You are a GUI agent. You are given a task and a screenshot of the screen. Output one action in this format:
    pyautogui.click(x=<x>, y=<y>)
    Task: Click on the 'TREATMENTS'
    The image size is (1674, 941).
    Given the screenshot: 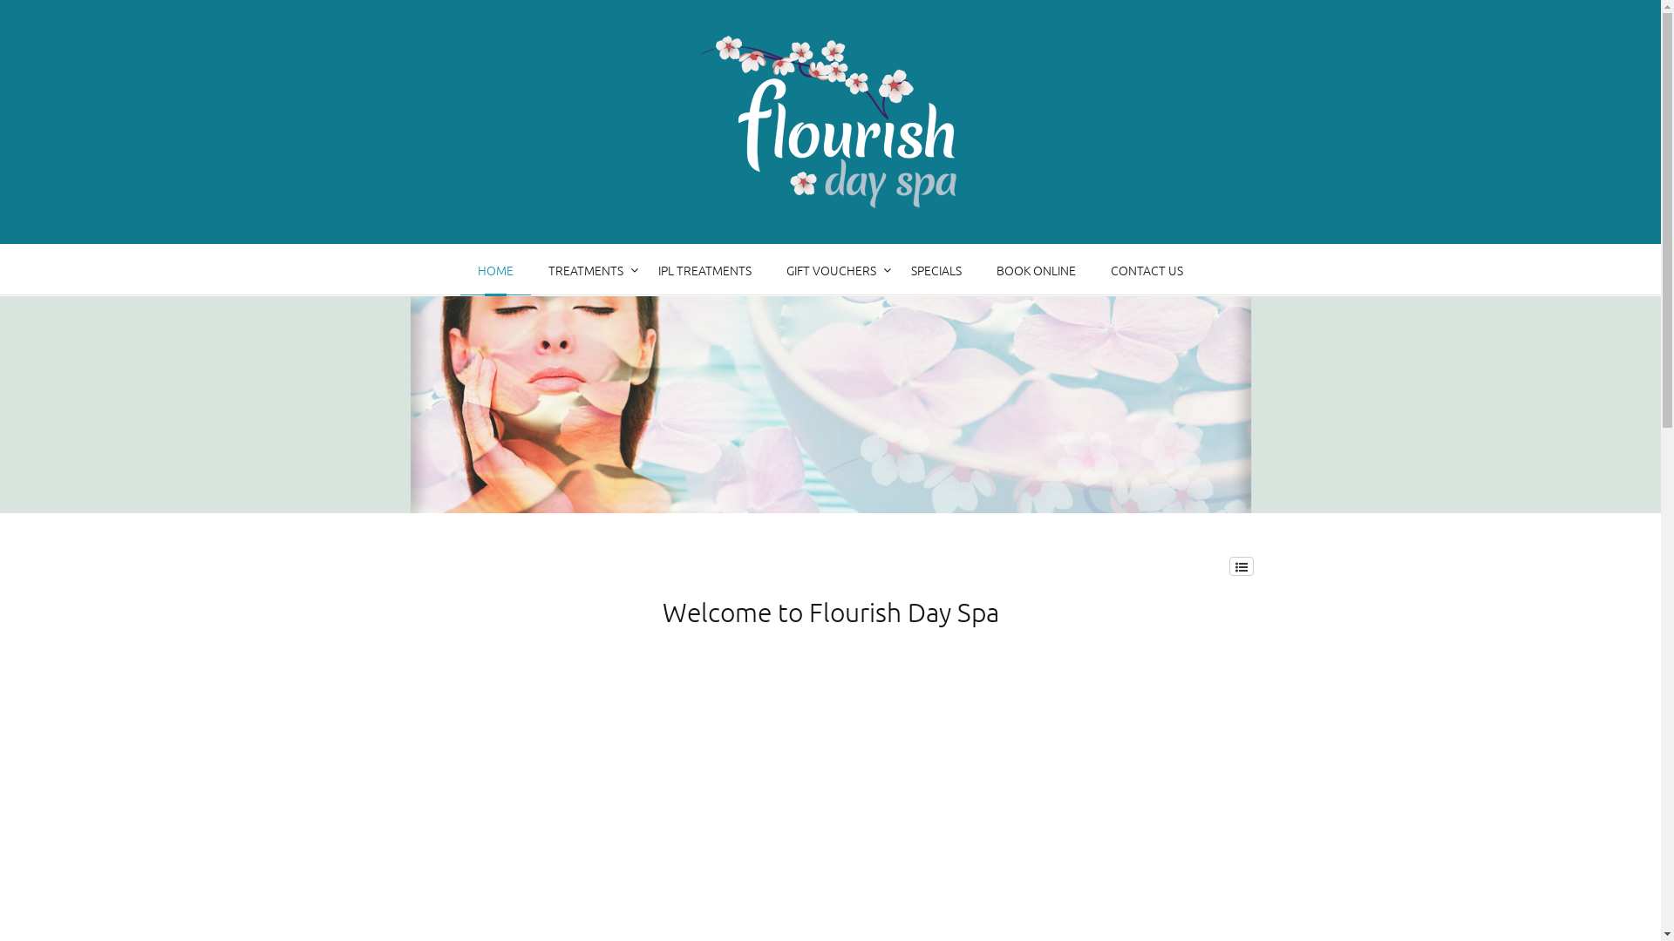 What is the action you would take?
    pyautogui.click(x=530, y=269)
    